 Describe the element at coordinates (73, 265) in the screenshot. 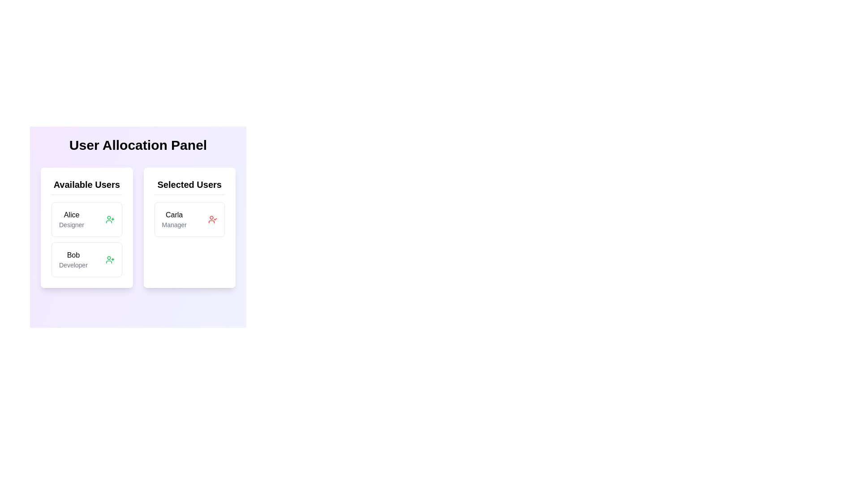

I see `the text label 'Developer' styled with small gray text located beneath the bold name 'Bob' in the second card of the 'Available Users' panel` at that location.